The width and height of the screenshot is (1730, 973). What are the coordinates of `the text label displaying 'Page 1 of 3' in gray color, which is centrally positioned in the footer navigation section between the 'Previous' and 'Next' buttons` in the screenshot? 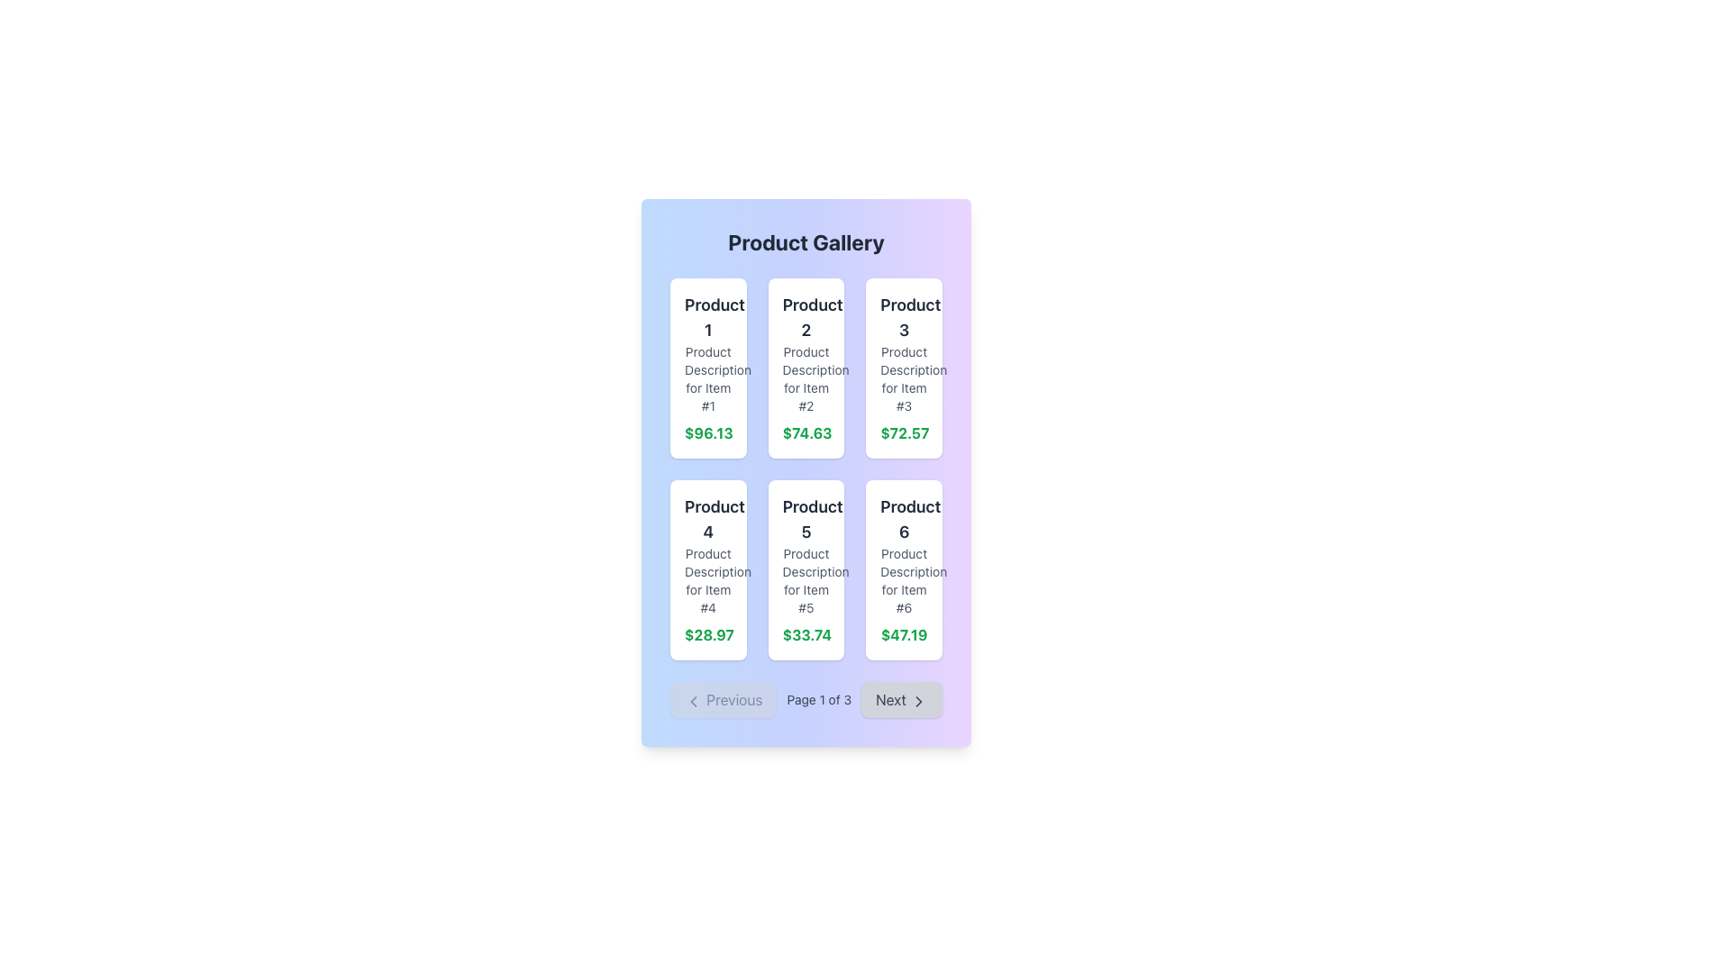 It's located at (818, 698).